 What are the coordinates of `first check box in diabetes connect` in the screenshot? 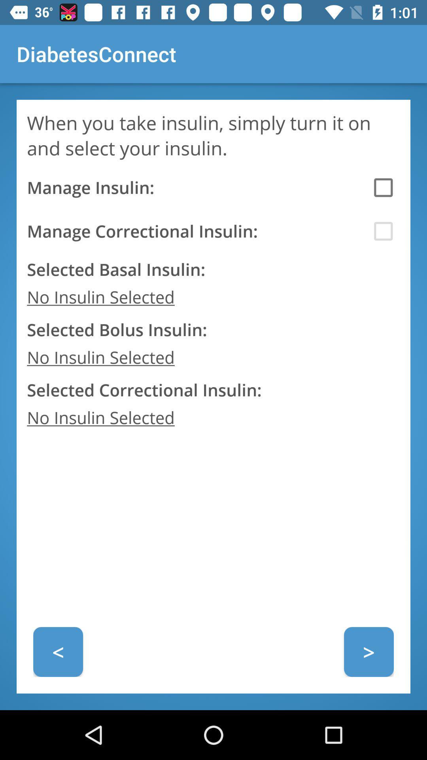 It's located at (383, 187).